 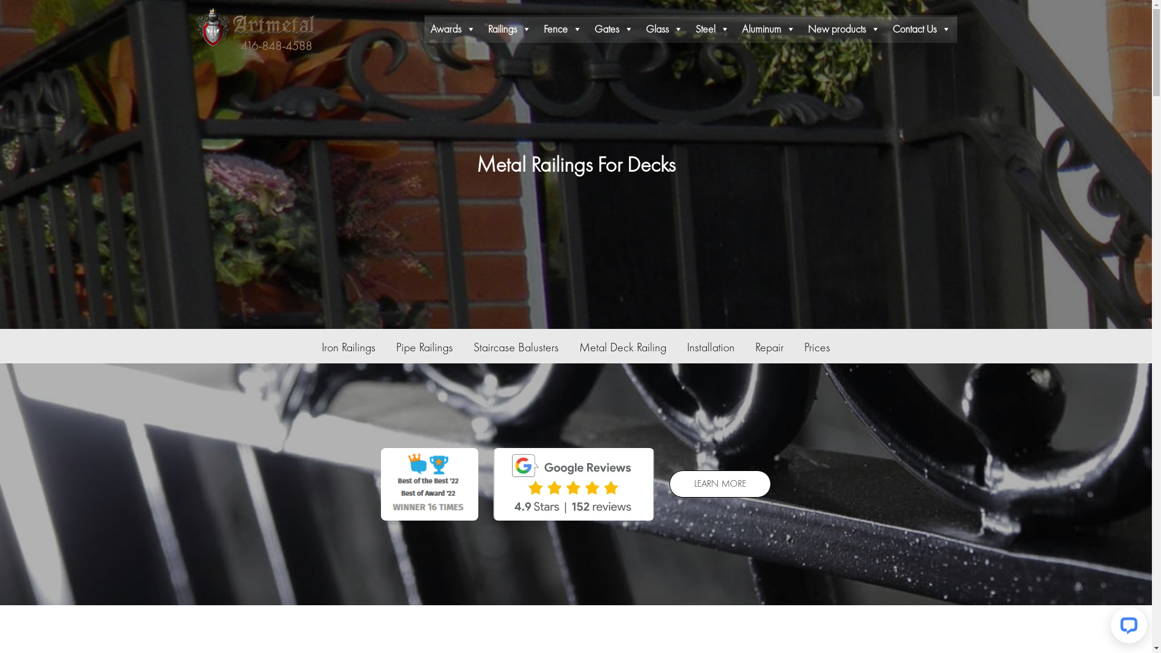 What do you see at coordinates (817, 347) in the screenshot?
I see `'Prices'` at bounding box center [817, 347].